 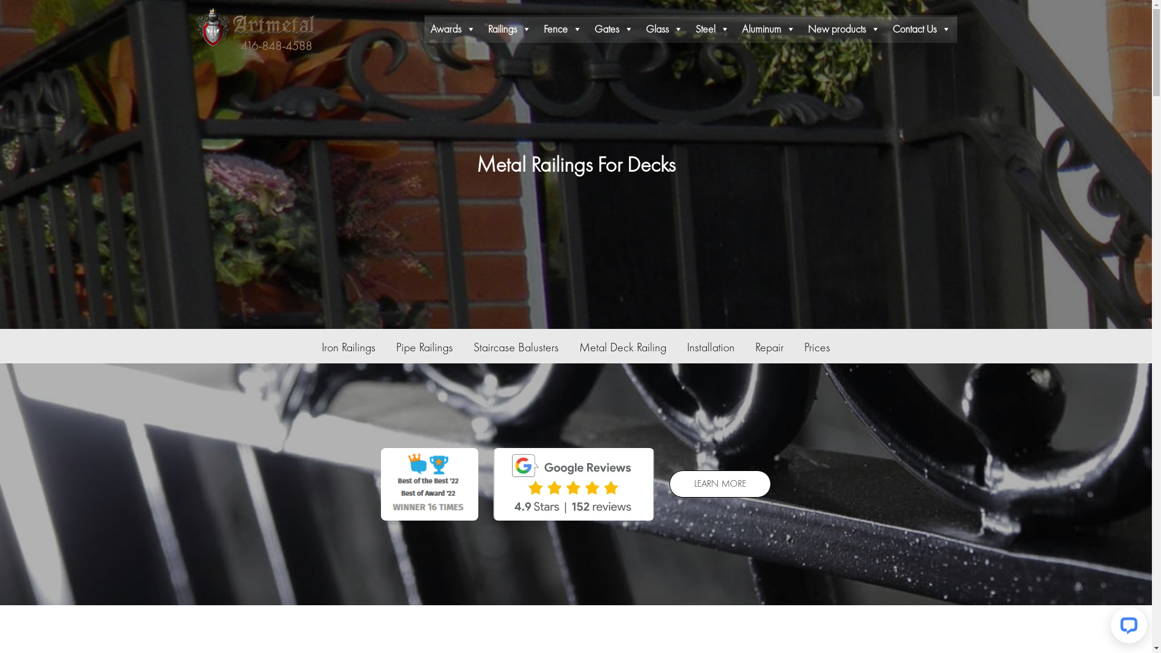 What do you see at coordinates (817, 347) in the screenshot?
I see `'Prices'` at bounding box center [817, 347].